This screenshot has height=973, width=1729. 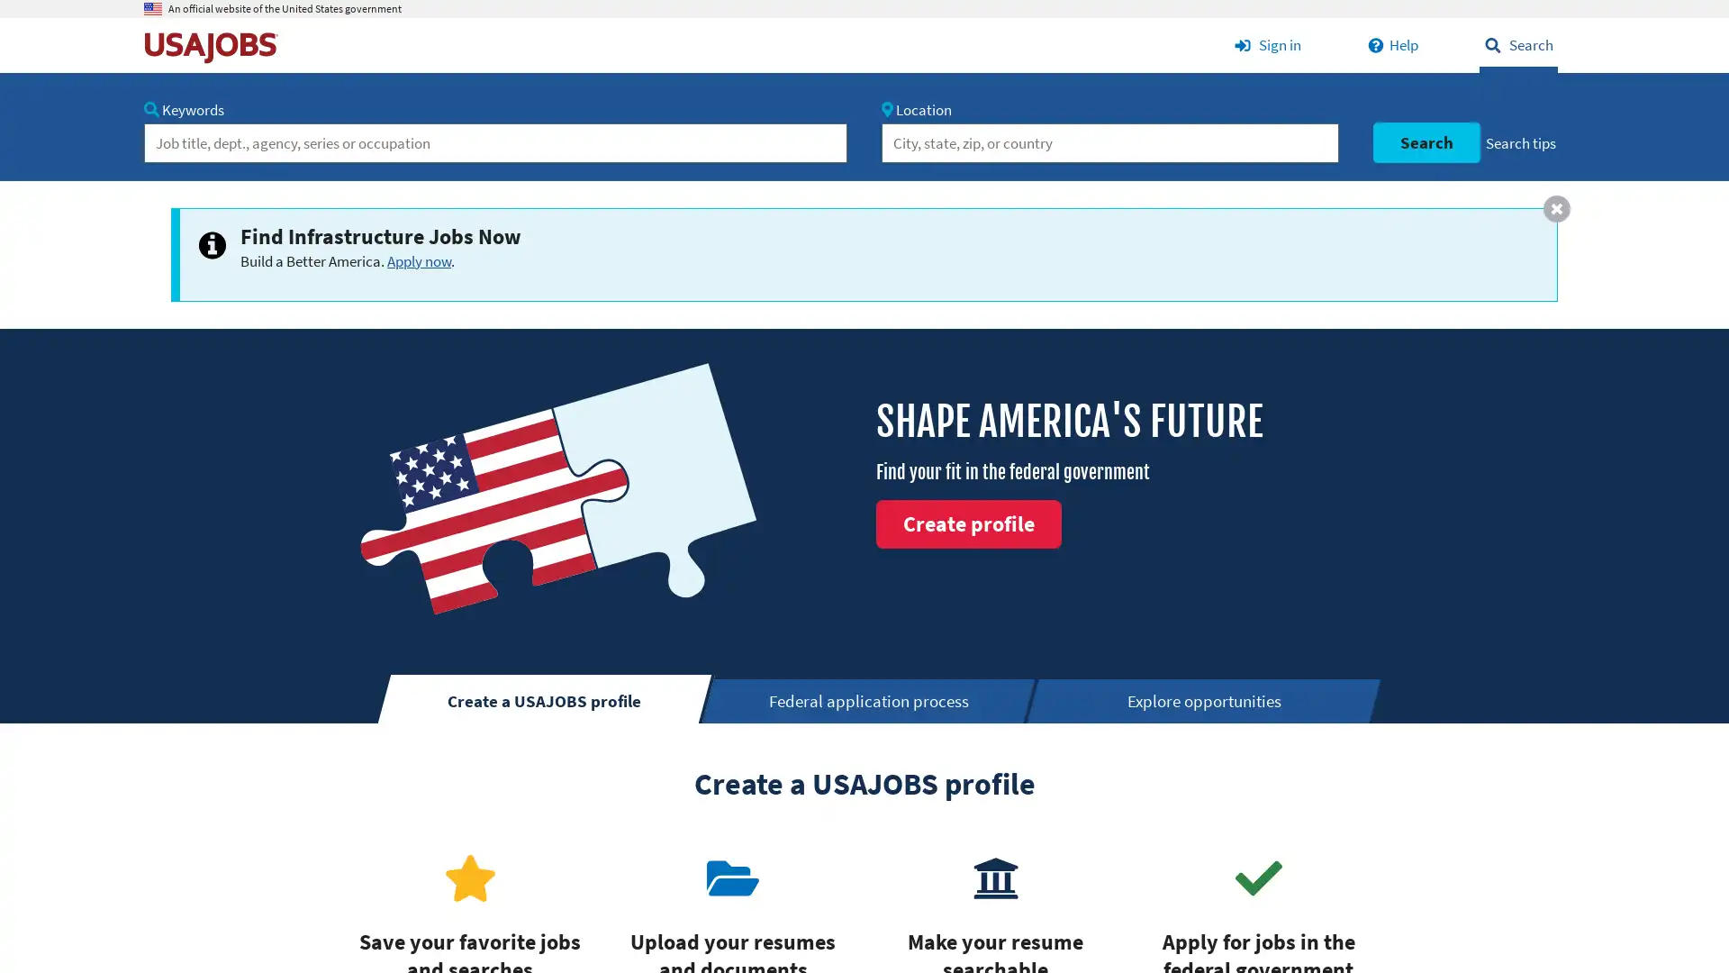 What do you see at coordinates (1555, 207) in the screenshot?
I see `Close` at bounding box center [1555, 207].